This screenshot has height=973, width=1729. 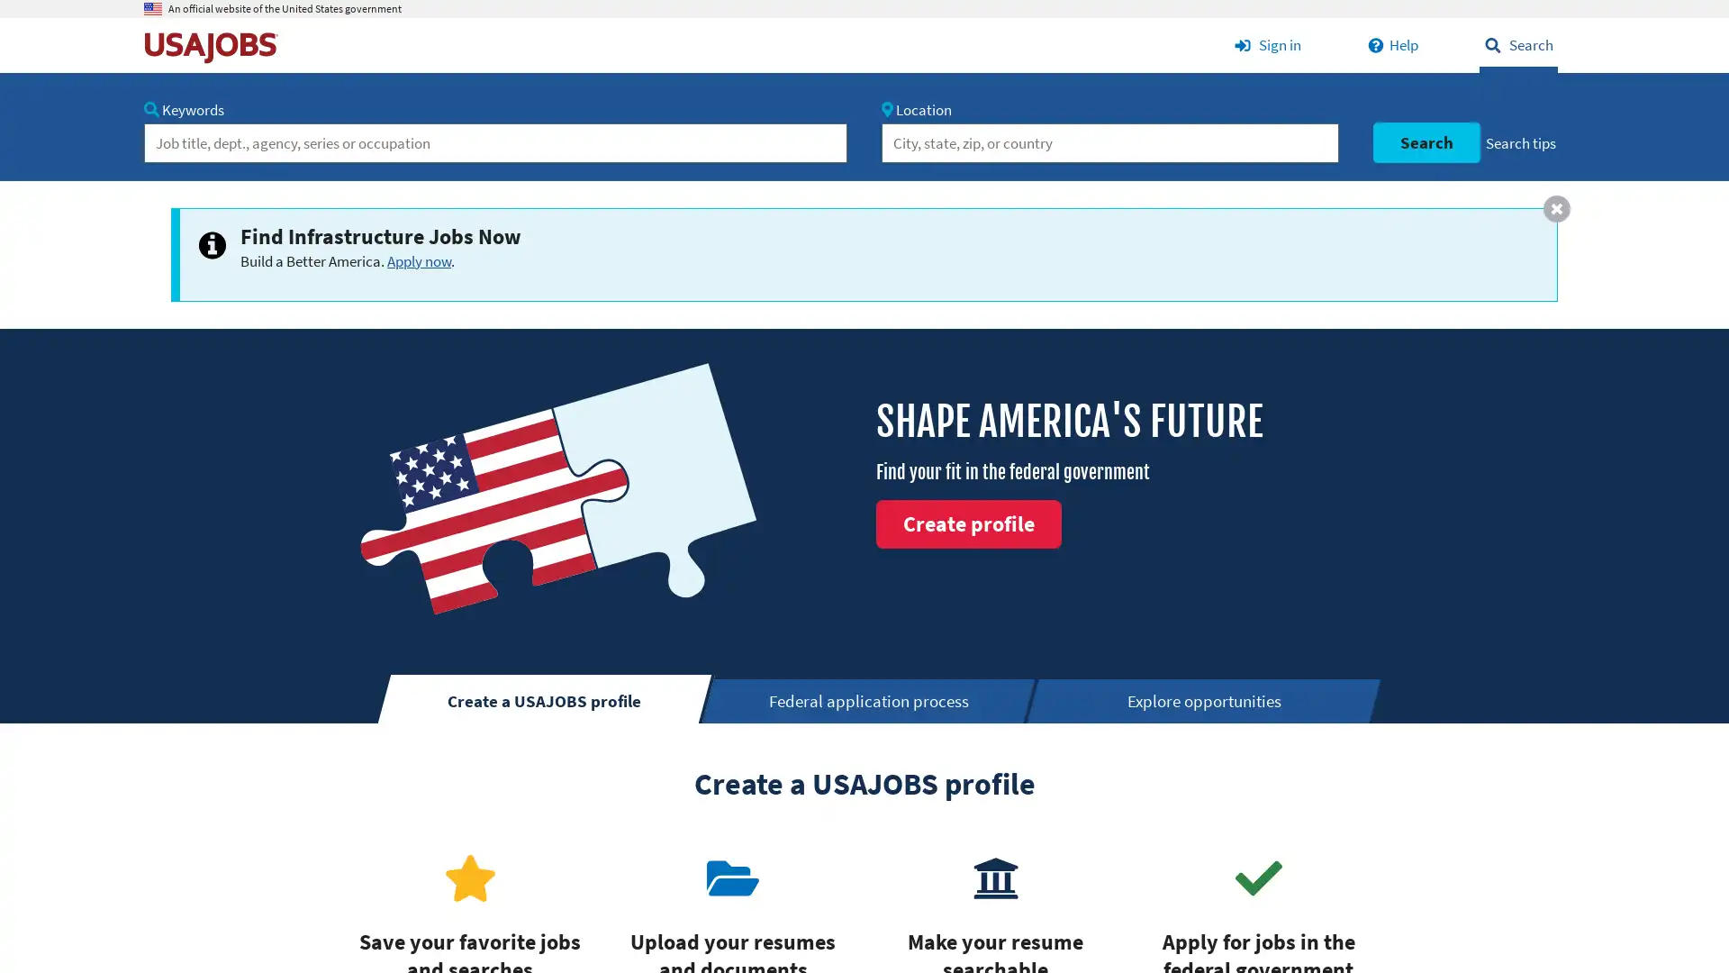 What do you see at coordinates (1555, 207) in the screenshot?
I see `Close` at bounding box center [1555, 207].